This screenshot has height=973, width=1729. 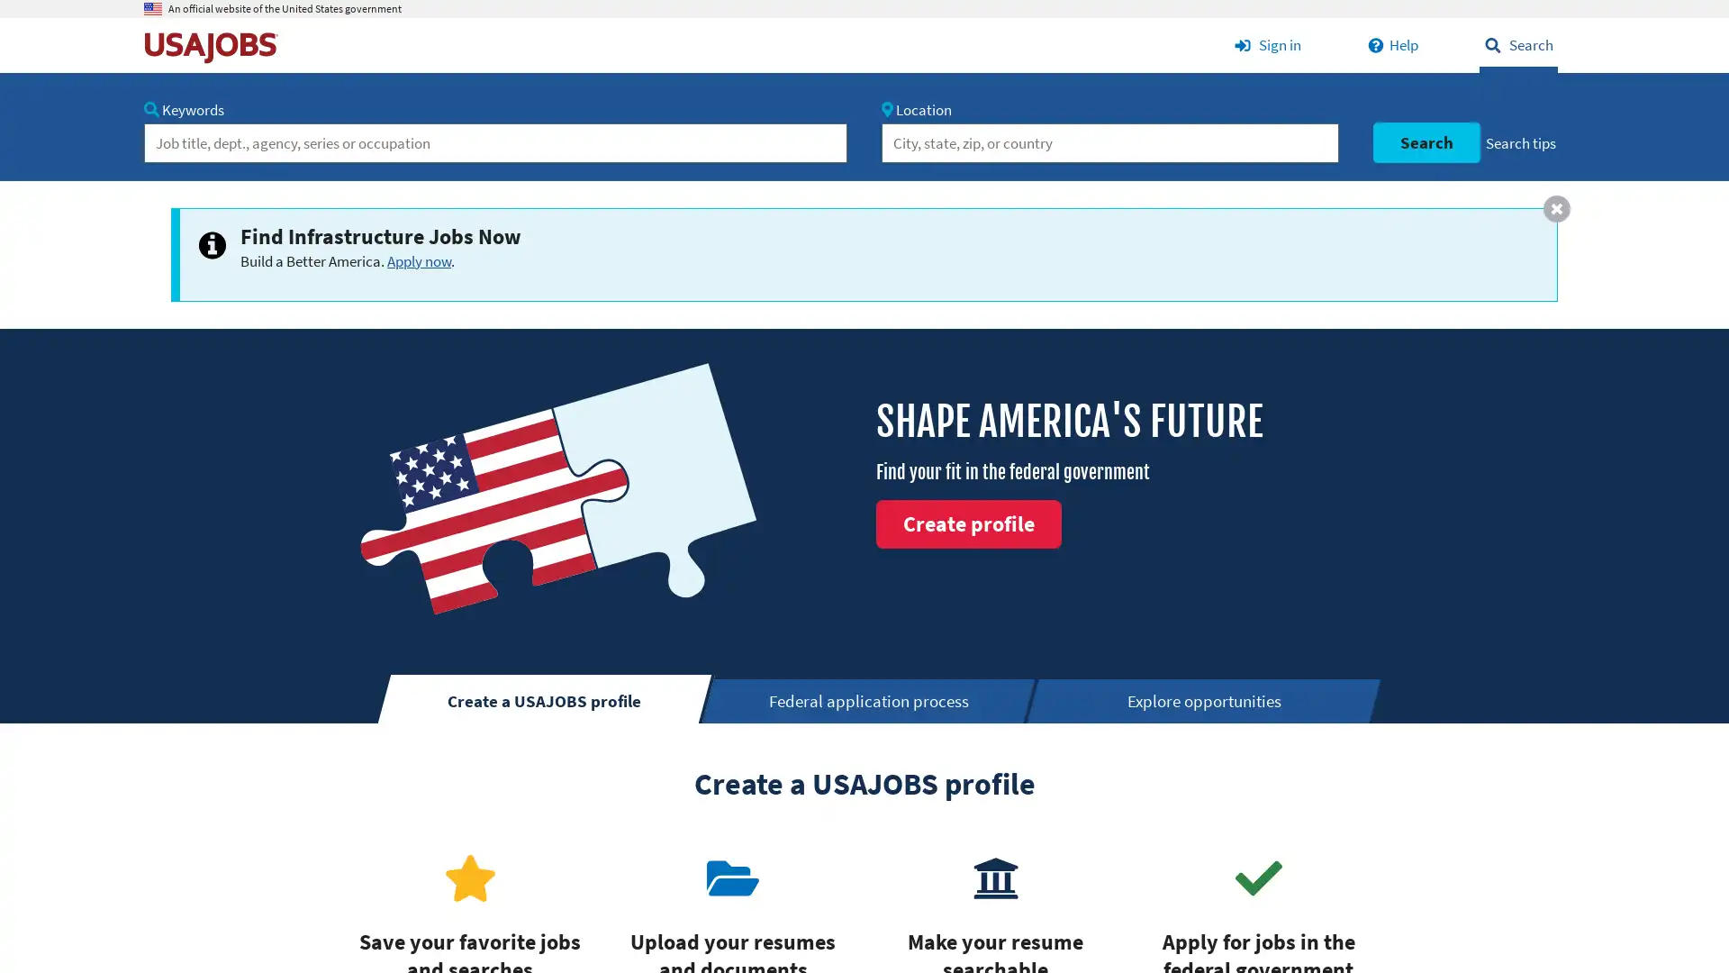 What do you see at coordinates (1555, 207) in the screenshot?
I see `Close` at bounding box center [1555, 207].